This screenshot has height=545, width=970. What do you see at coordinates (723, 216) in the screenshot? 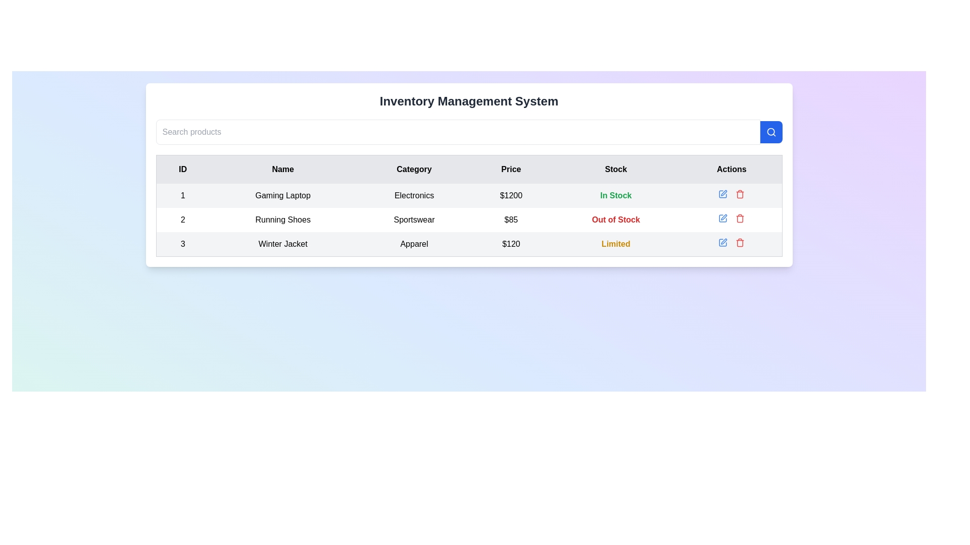
I see `the small, square pen icon styled in line-art design located in the 'Actions' column for the 'Running Shoes' entry` at bounding box center [723, 216].